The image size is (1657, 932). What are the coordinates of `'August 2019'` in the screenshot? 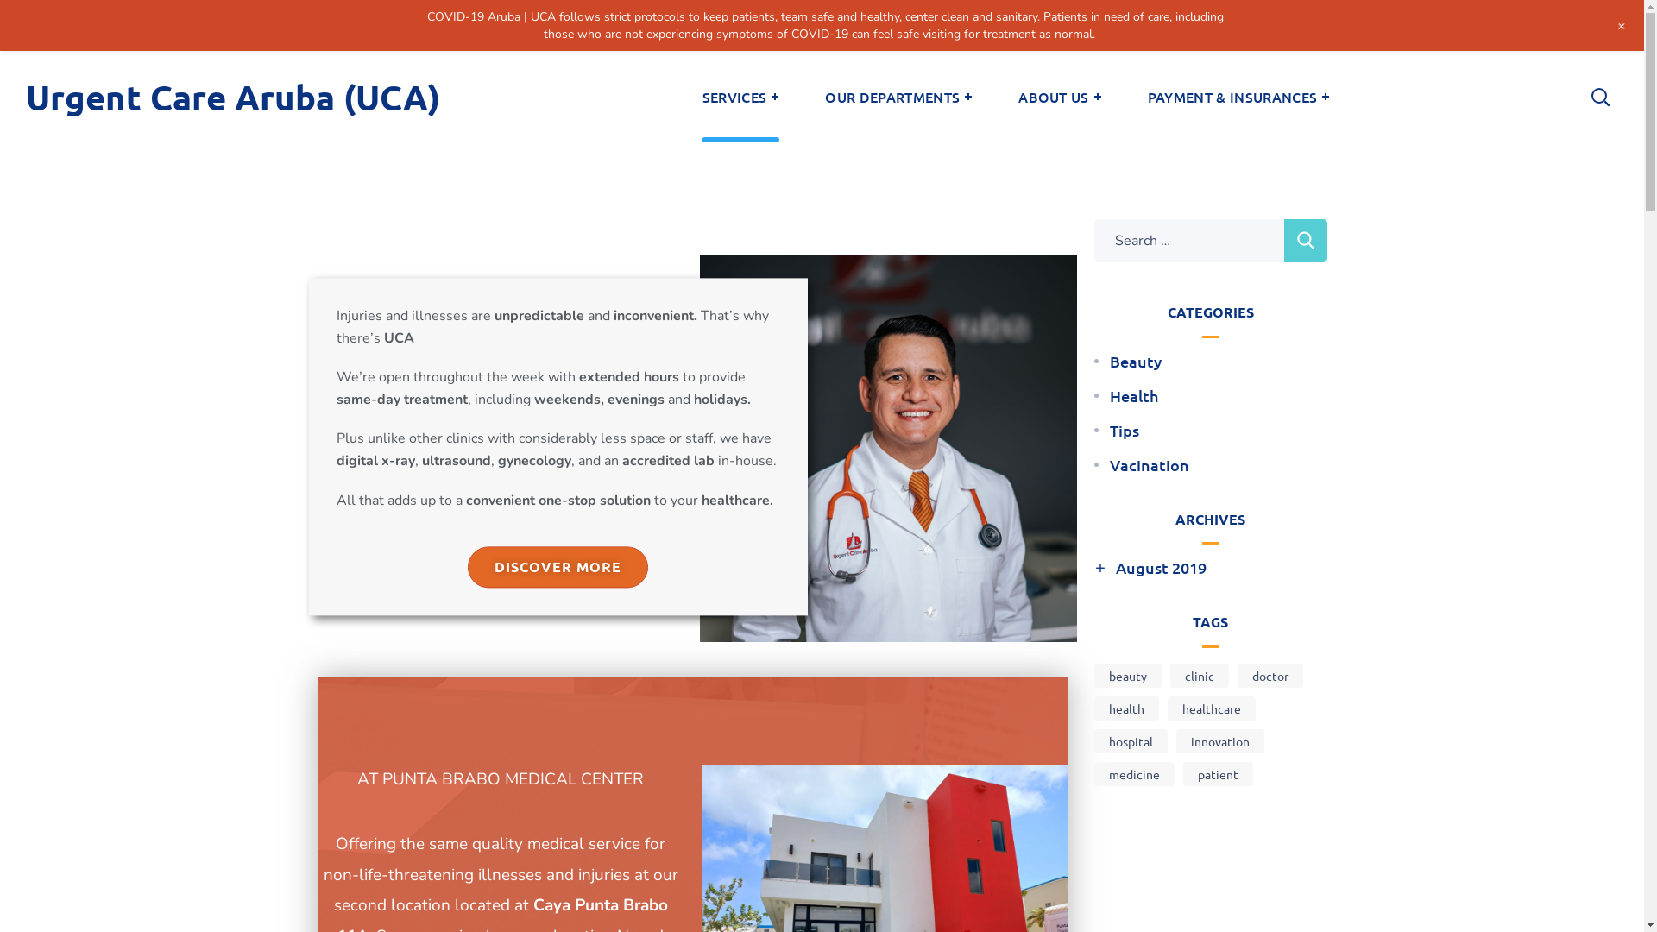 It's located at (1160, 568).